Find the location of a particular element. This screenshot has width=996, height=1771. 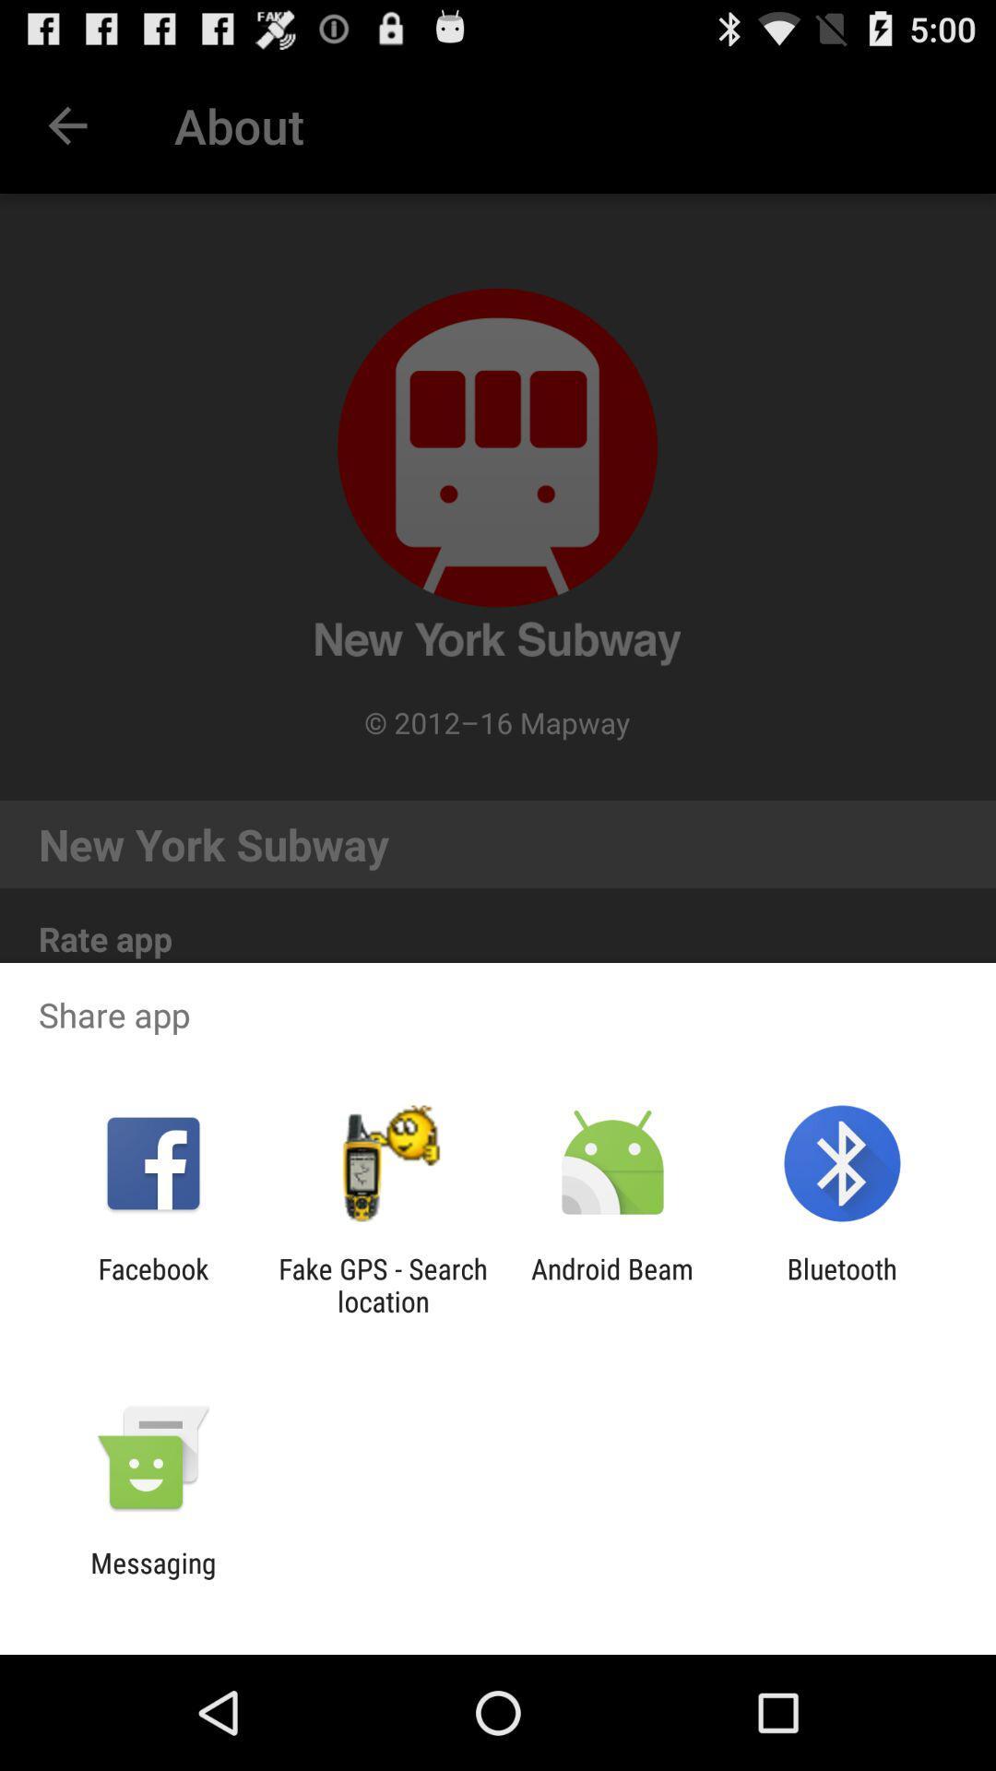

icon next to fake gps search app is located at coordinates (152, 1284).